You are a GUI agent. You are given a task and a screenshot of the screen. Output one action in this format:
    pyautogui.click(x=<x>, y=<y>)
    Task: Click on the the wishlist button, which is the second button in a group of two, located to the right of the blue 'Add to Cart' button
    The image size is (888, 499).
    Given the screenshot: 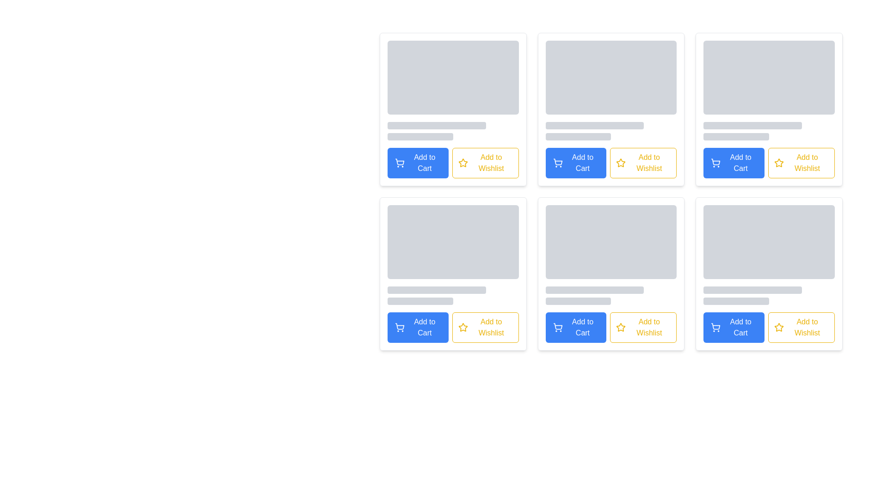 What is the action you would take?
    pyautogui.click(x=801, y=163)
    